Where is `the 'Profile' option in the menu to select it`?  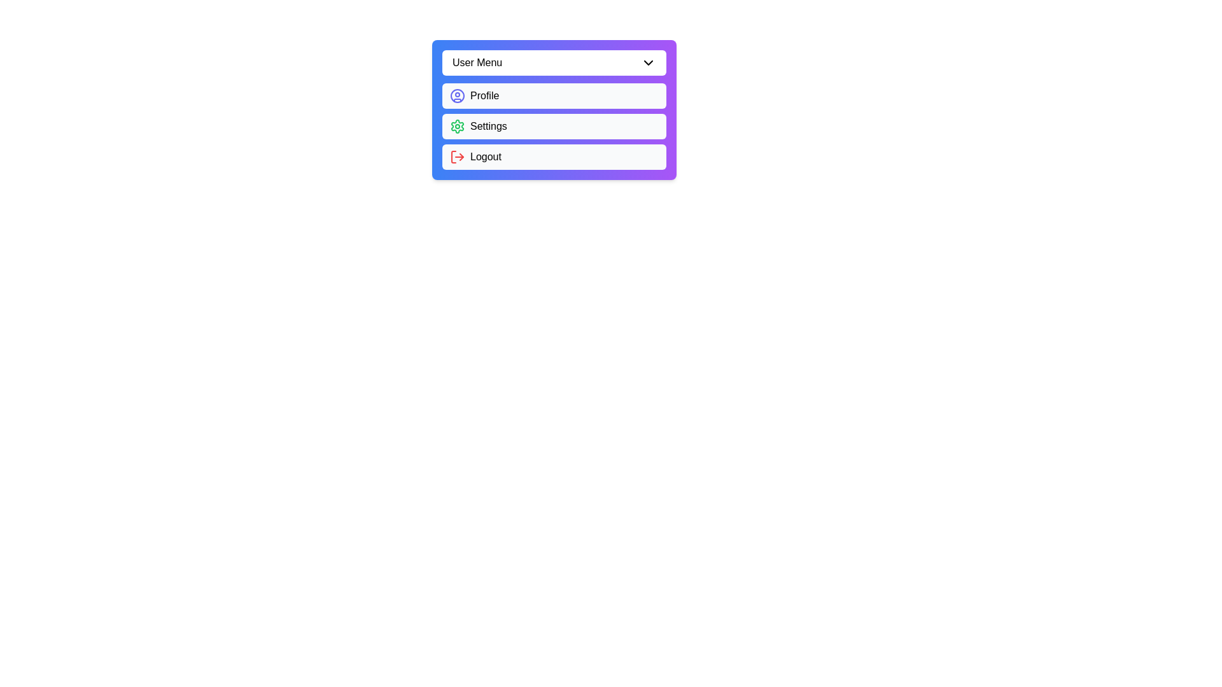 the 'Profile' option in the menu to select it is located at coordinates (554, 95).